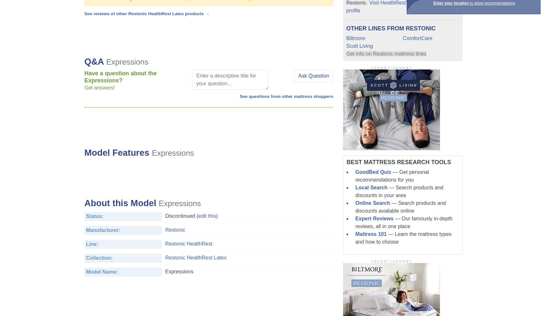 This screenshot has width=547, height=316. I want to click on 'edit this', so click(198, 216).